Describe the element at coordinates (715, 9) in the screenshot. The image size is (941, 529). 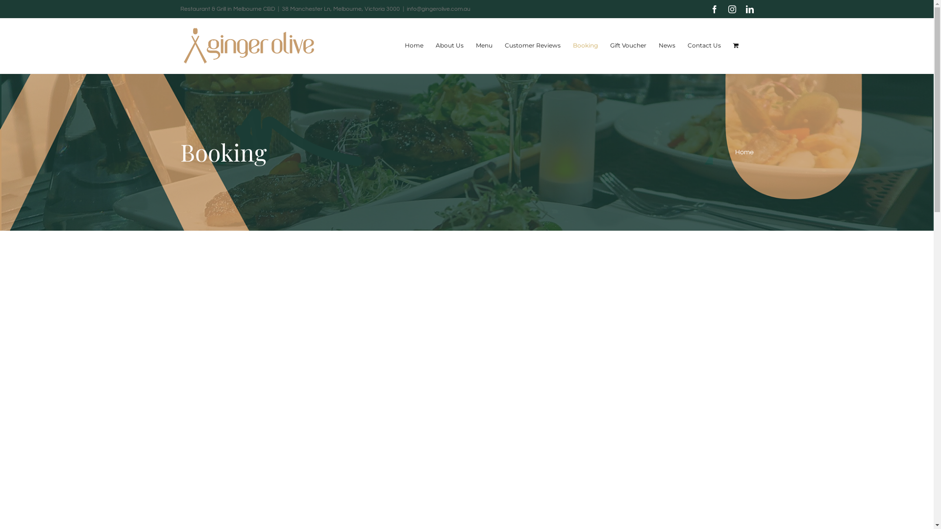
I see `'Facebook'` at that location.